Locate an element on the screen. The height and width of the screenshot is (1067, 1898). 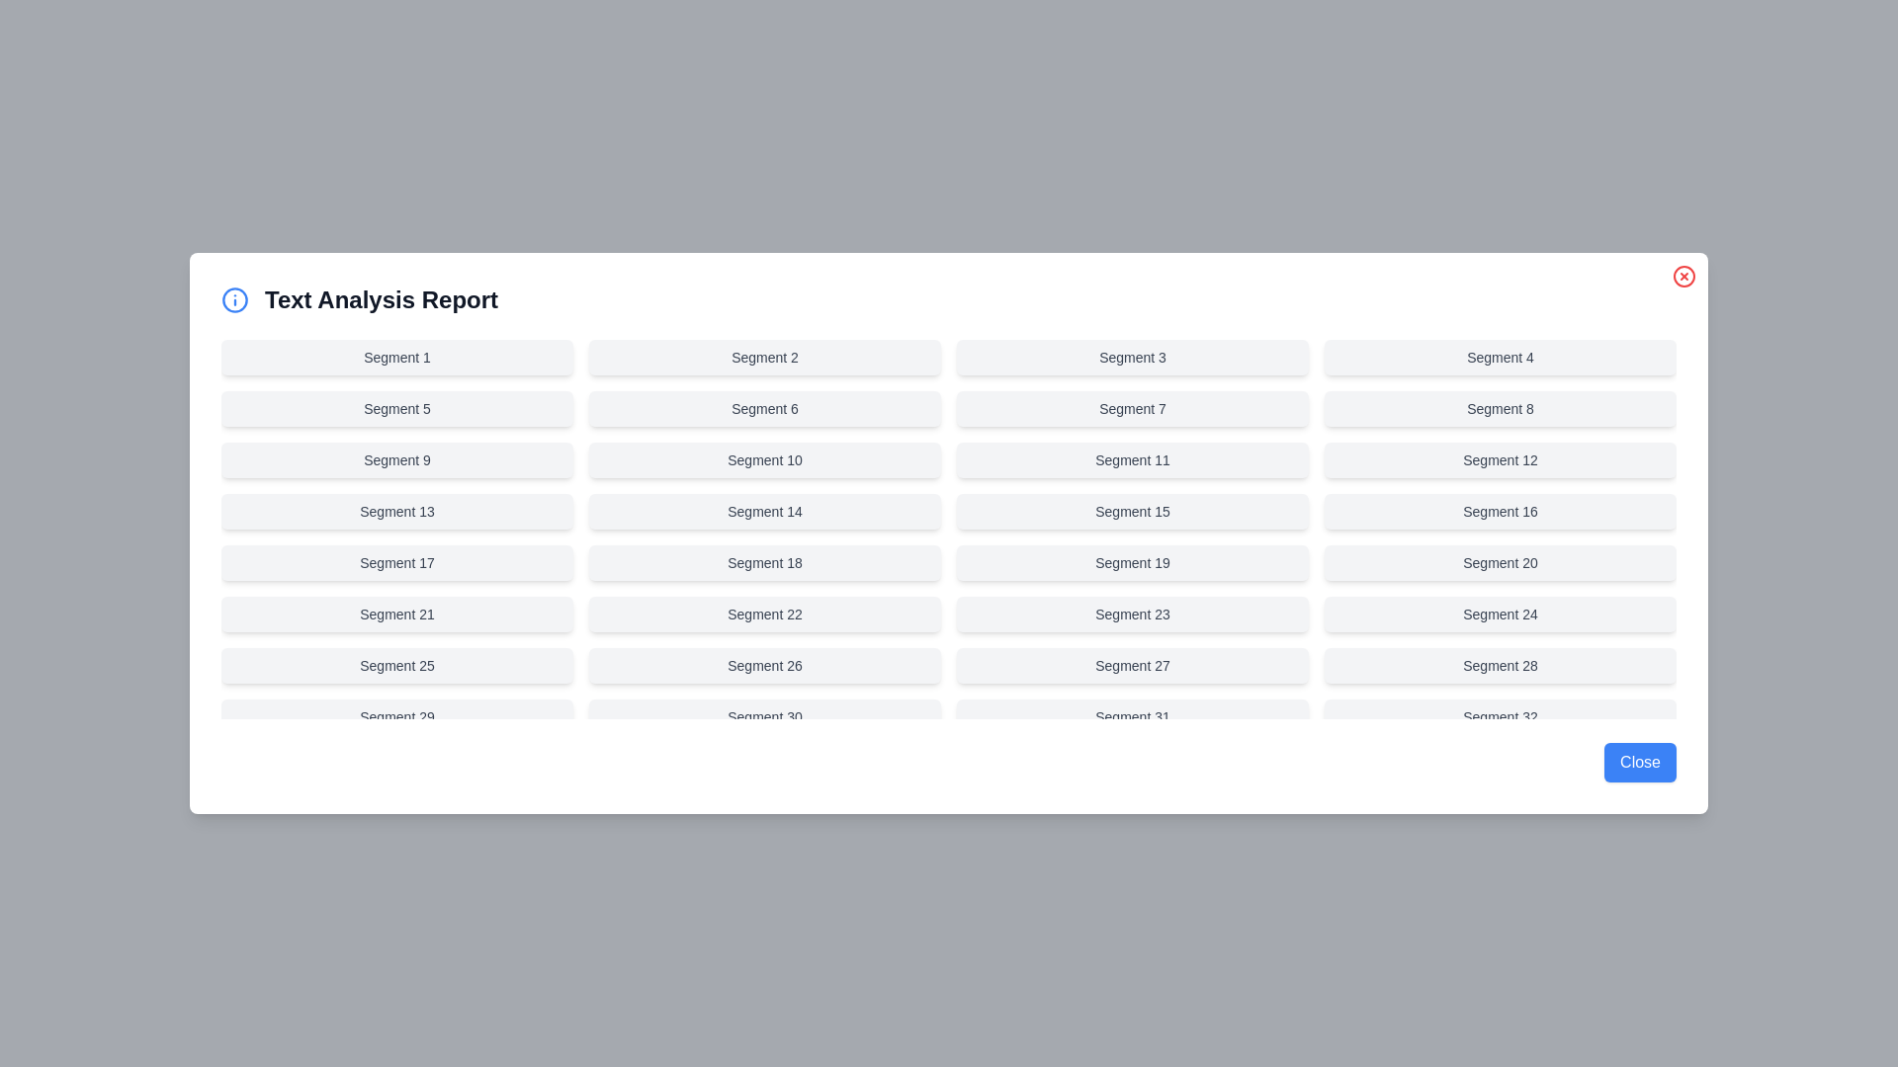
the close button in the top-right corner of the dialog is located at coordinates (1683, 277).